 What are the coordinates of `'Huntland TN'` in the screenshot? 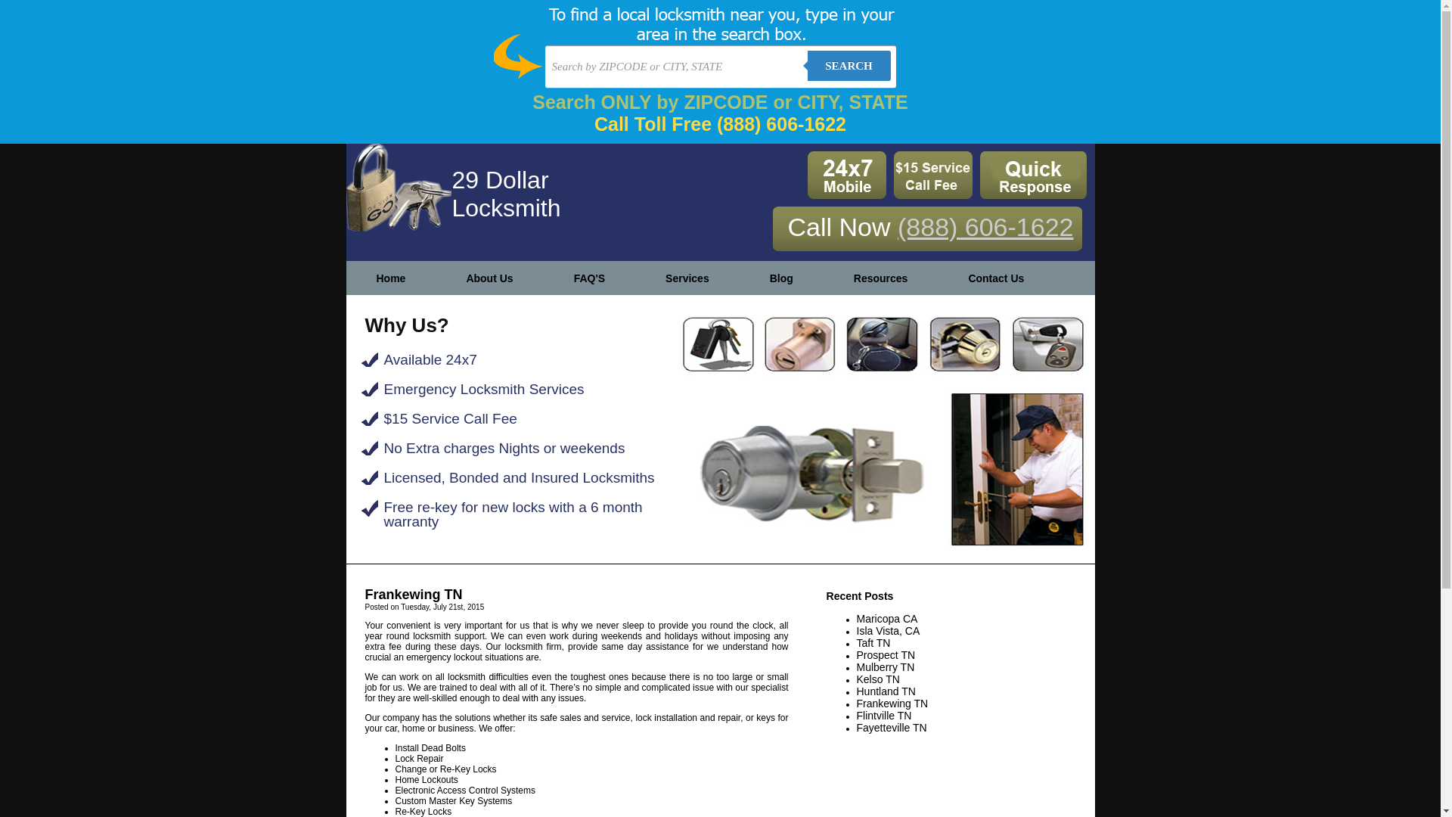 It's located at (886, 691).